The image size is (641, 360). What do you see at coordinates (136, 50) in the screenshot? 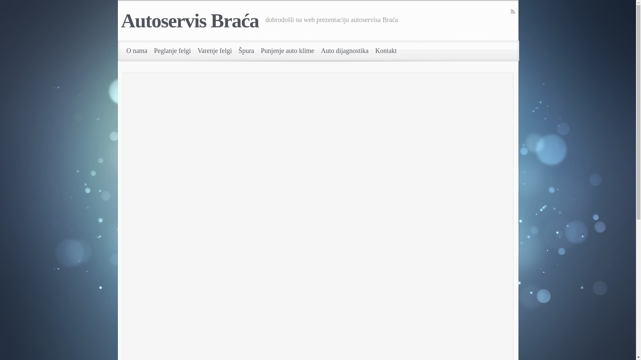
I see `'O nama'` at bounding box center [136, 50].